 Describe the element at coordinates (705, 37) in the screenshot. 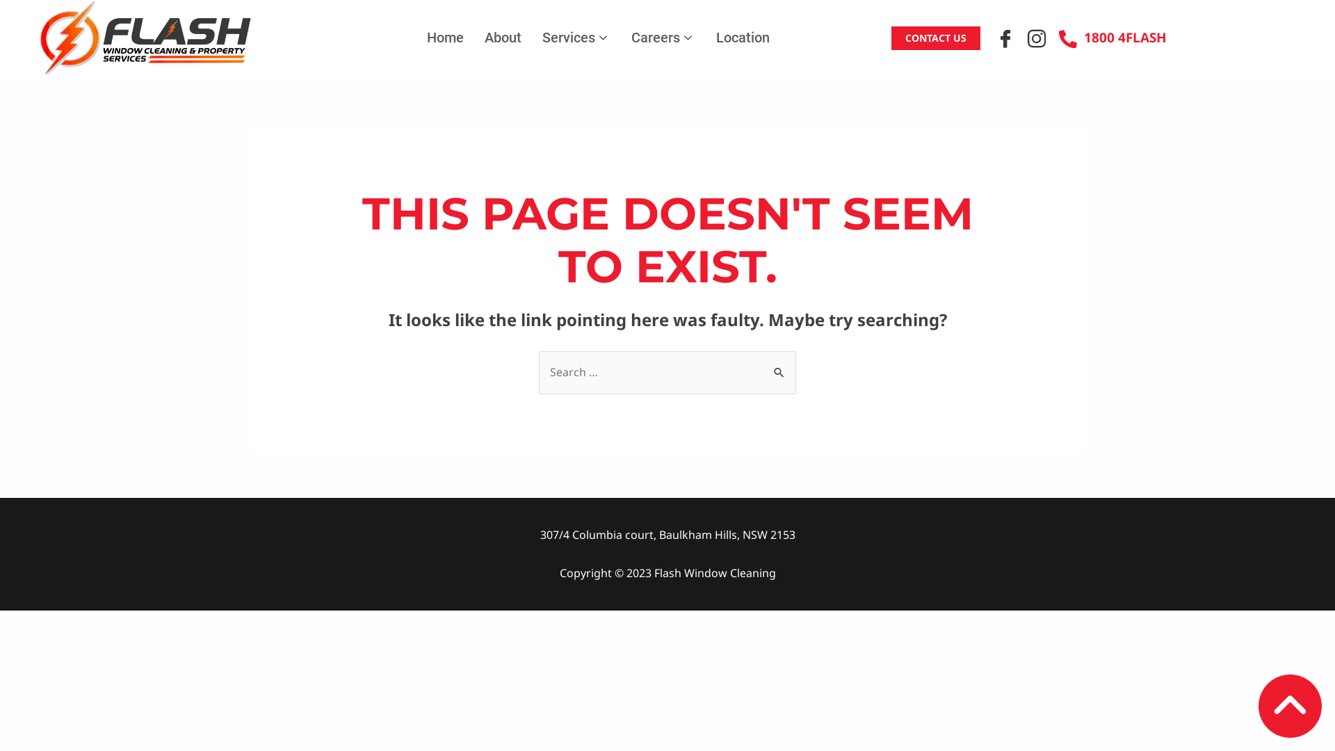

I see `'Location'` at that location.